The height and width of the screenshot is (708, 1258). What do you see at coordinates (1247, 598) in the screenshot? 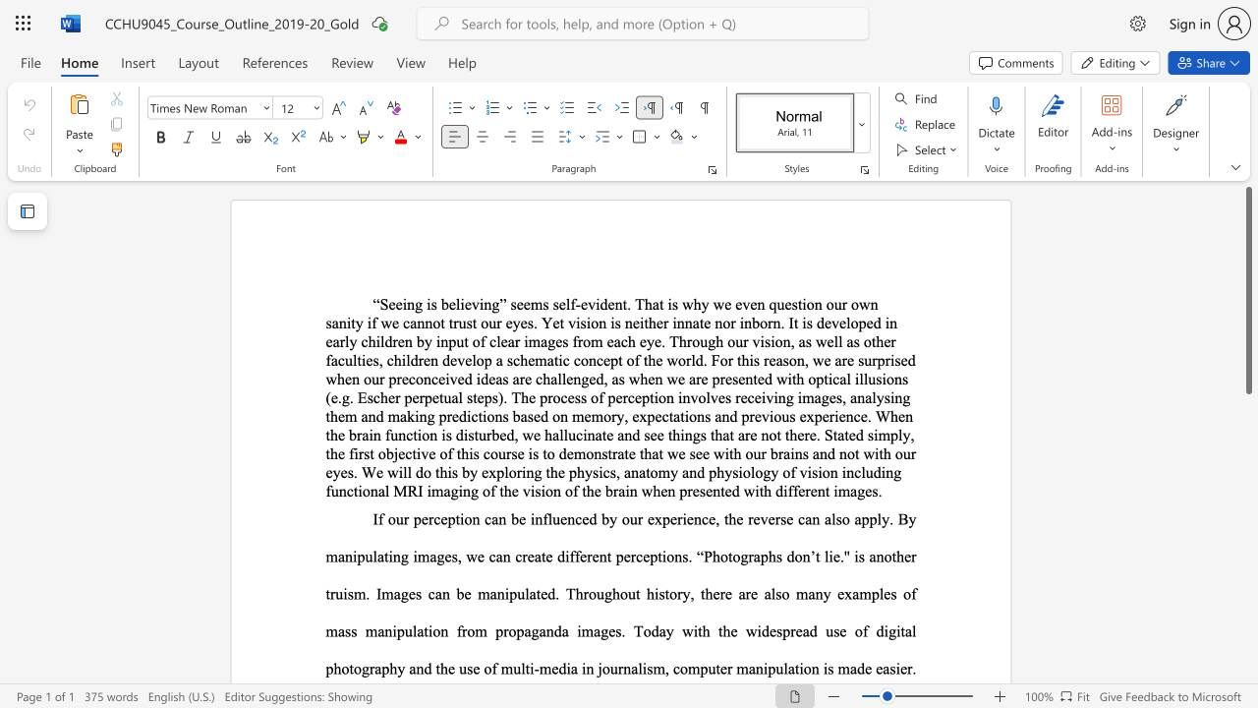
I see `the scrollbar to slide the page down` at bounding box center [1247, 598].